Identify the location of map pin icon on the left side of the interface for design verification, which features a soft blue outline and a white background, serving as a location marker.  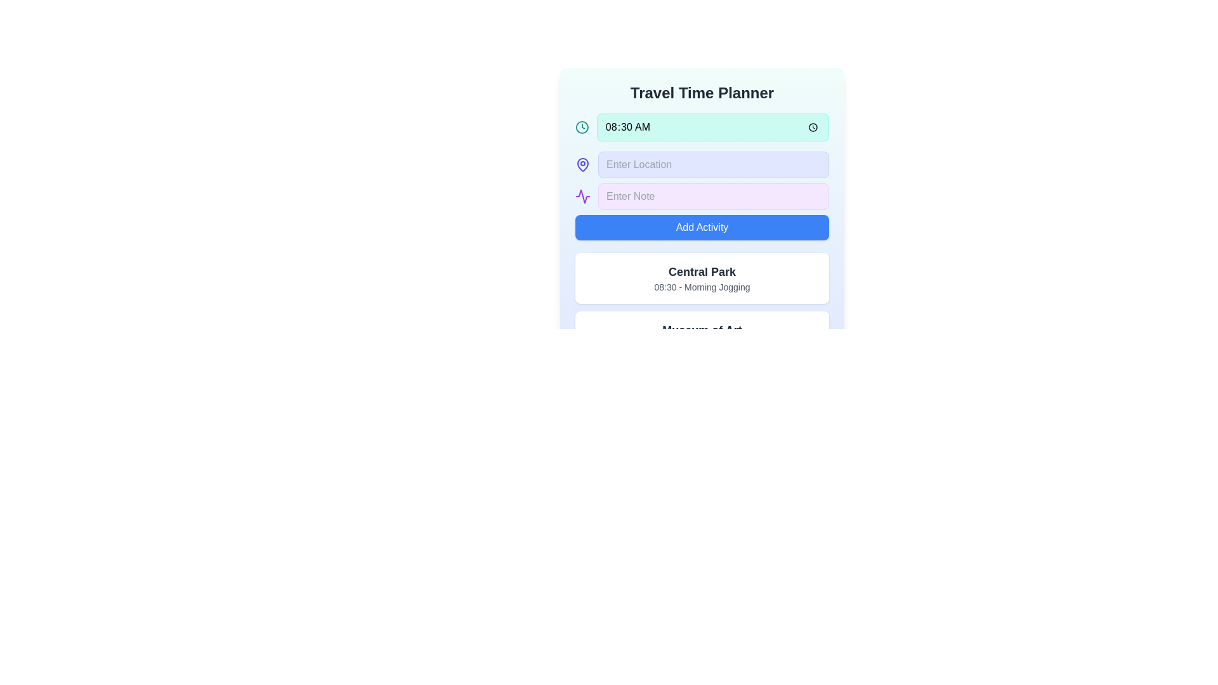
(582, 164).